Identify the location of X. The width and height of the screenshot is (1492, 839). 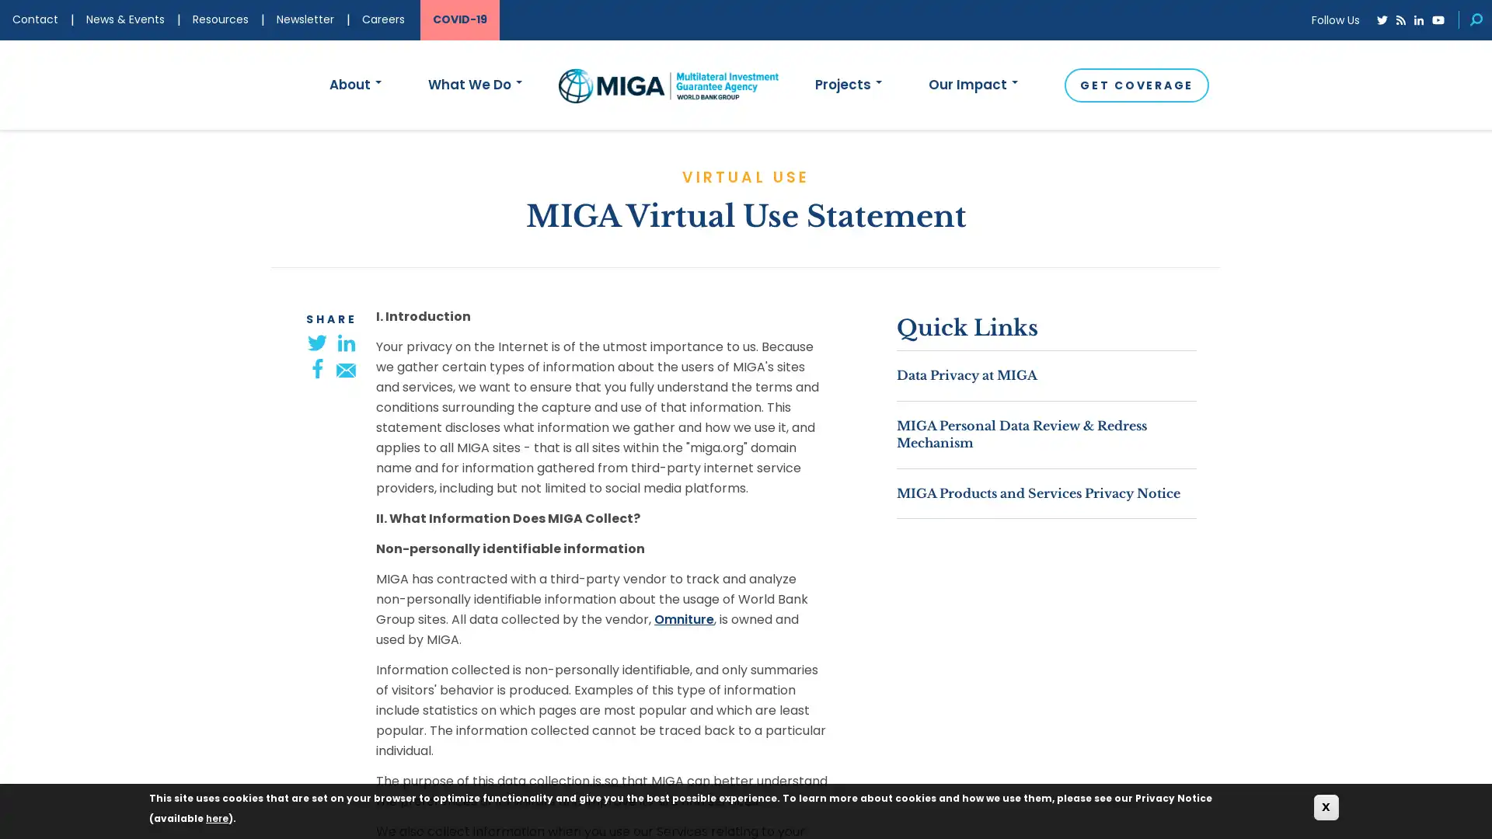
(1326, 806).